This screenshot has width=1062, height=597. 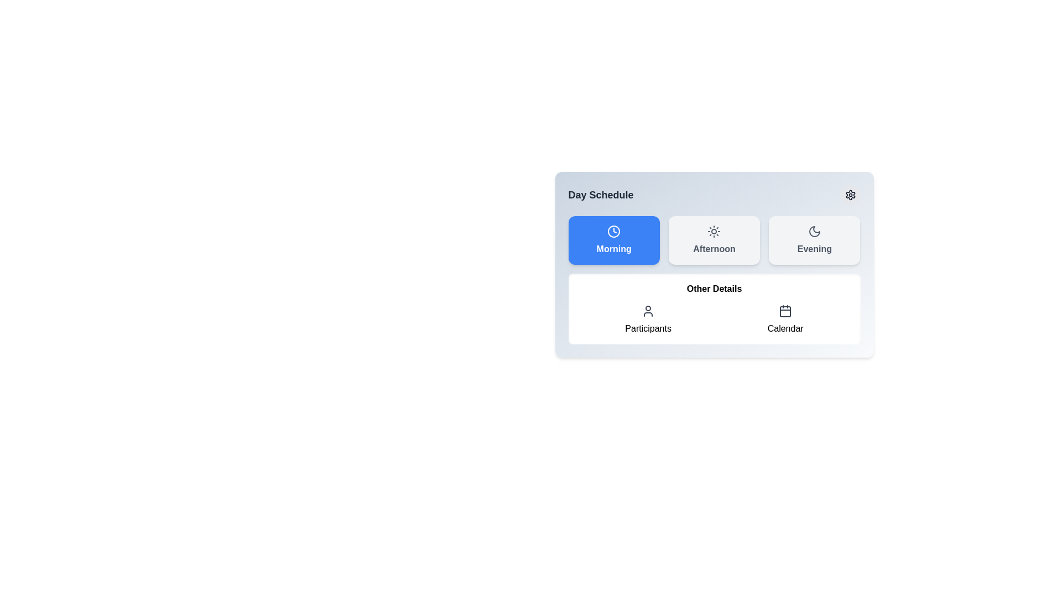 I want to click on the 'Morning' time slot button to observe its hover effect, which is the leftmost button in a grid layout of three buttons, so click(x=613, y=240).